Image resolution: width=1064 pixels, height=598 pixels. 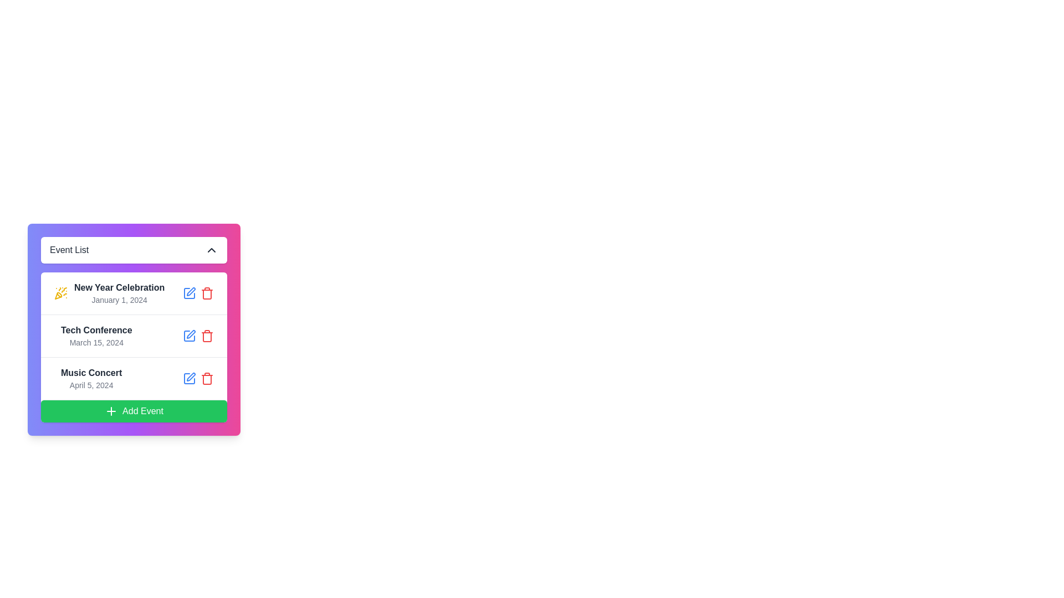 What do you see at coordinates (96, 335) in the screenshot?
I see `the 'Tech Conference' event text element in the card layout to interact with associated elements` at bounding box center [96, 335].